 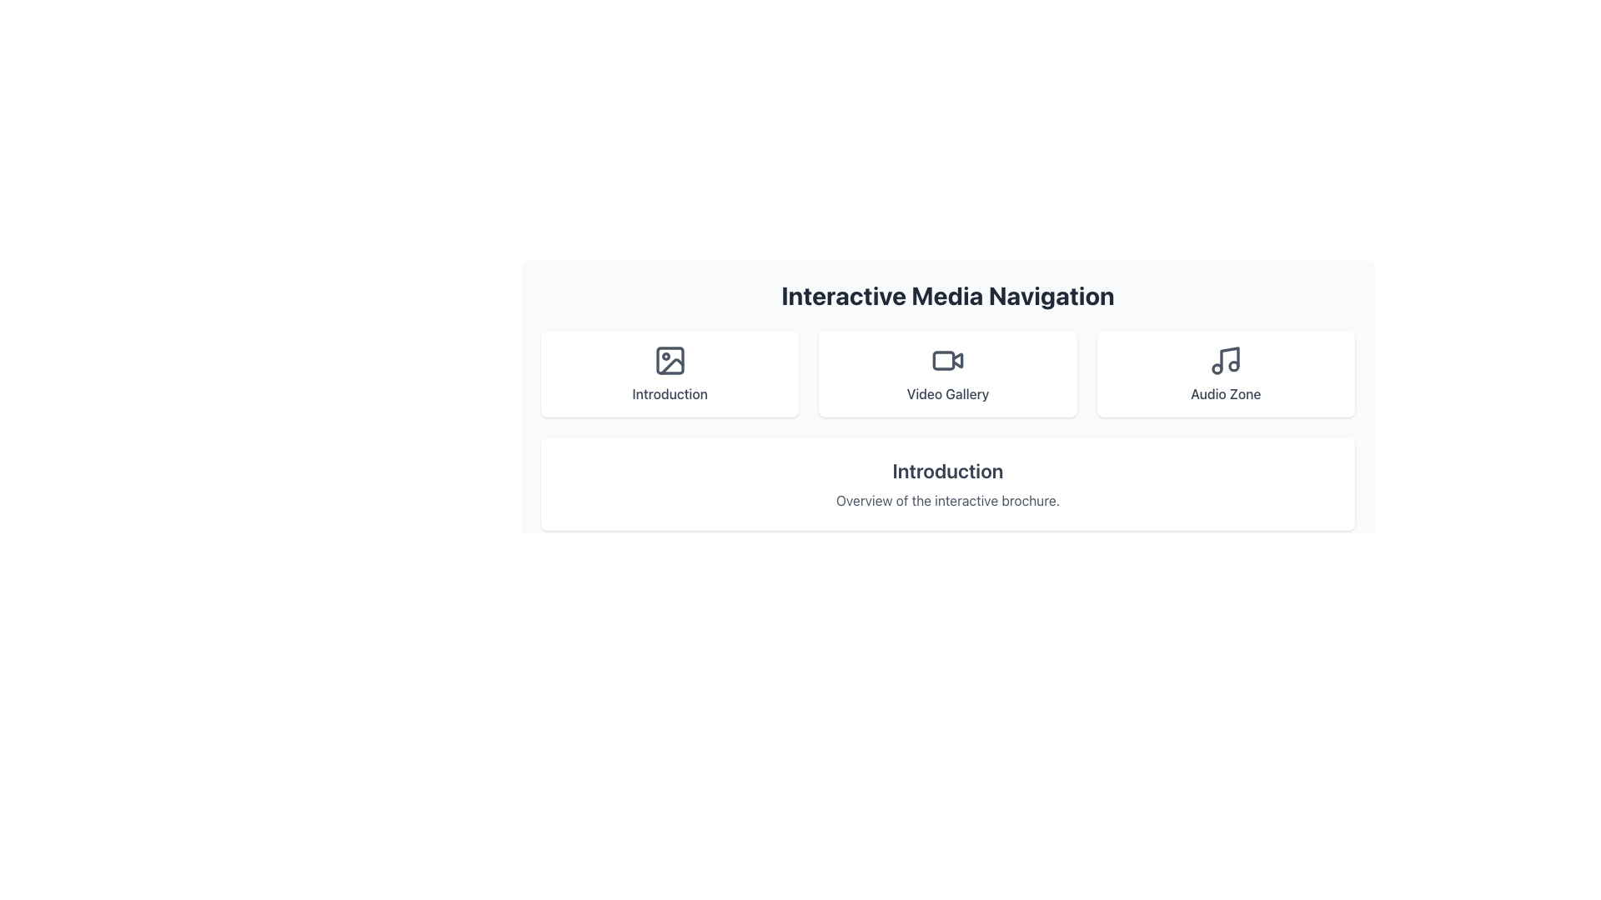 I want to click on the minimalistic gray icon with a circular design located above the 'Introduction' label in the top-left tile of the interface, so click(x=670, y=359).